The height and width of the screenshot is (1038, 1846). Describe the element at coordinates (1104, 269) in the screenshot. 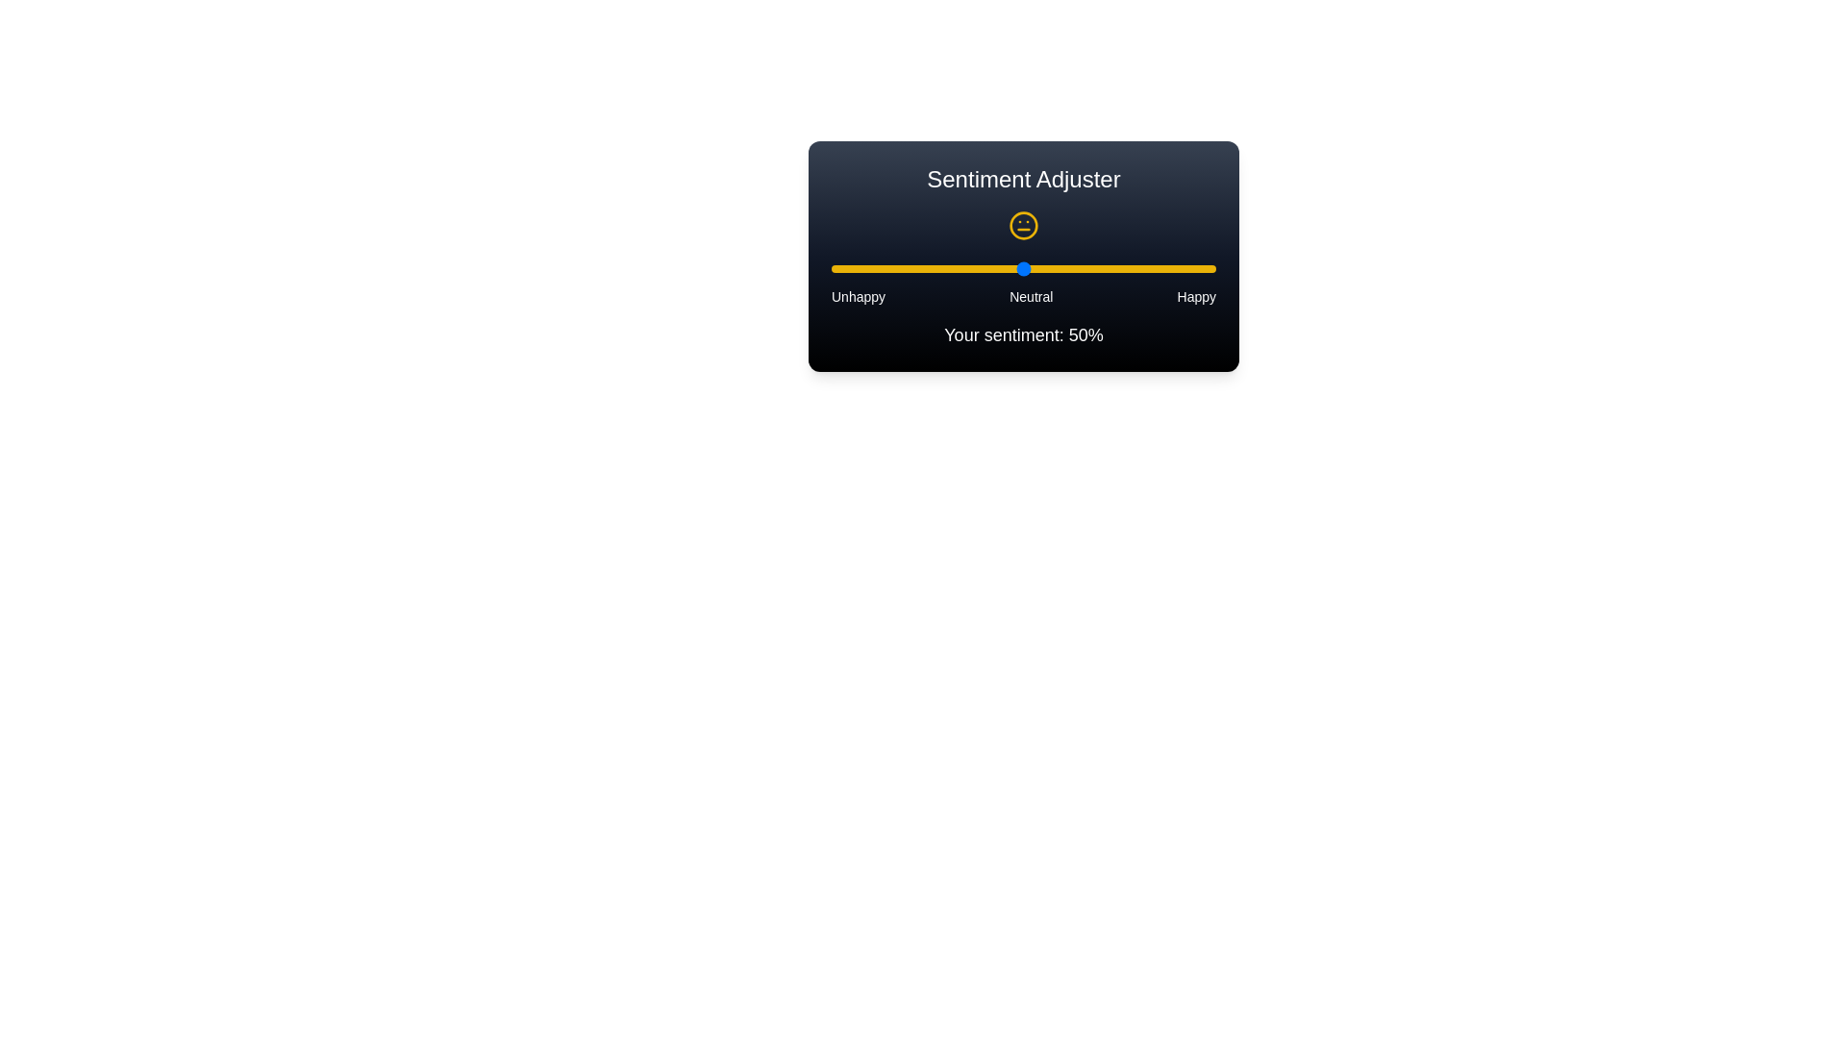

I see `the slider to set the sentiment value to 71` at that location.